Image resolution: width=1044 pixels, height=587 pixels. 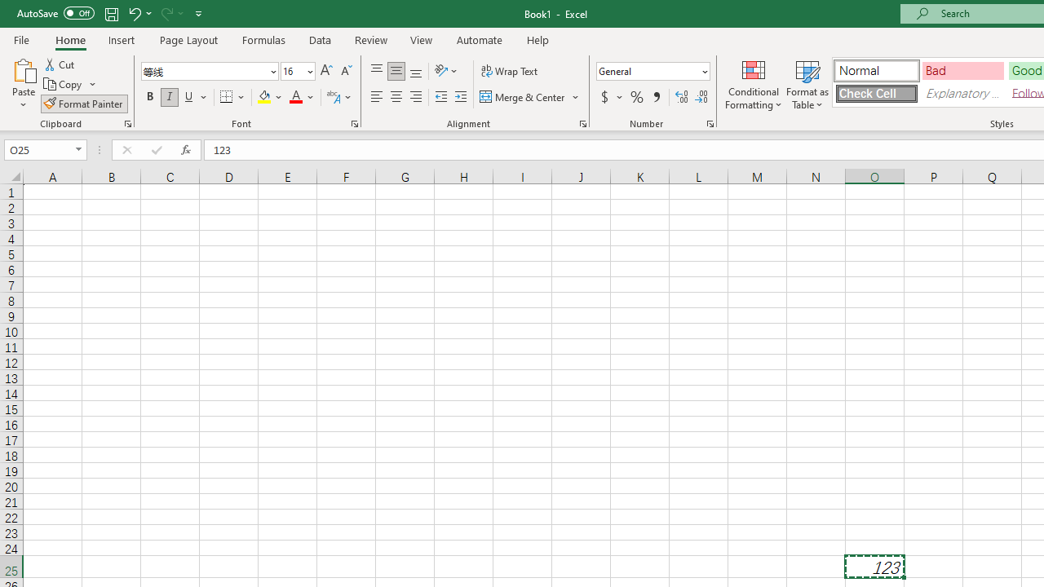 I want to click on 'Increase Decimal', so click(x=682, y=97).